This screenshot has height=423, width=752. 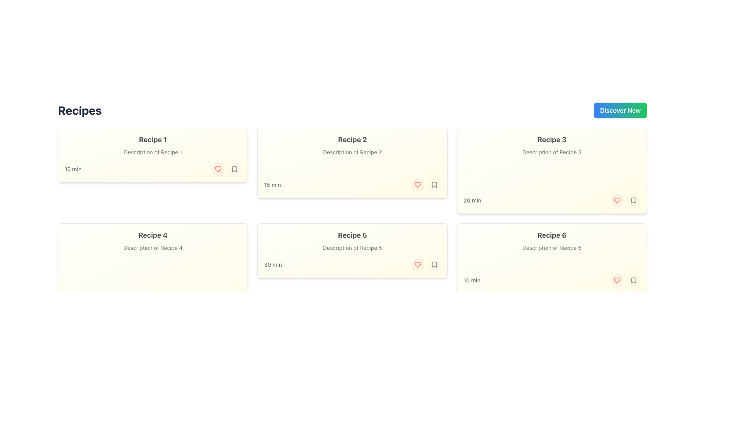 What do you see at coordinates (352, 248) in the screenshot?
I see `the descriptive text element reading 'Description of Recipe 5', which is located in the card labeled 'Recipe 5', directly beneath its title` at bounding box center [352, 248].